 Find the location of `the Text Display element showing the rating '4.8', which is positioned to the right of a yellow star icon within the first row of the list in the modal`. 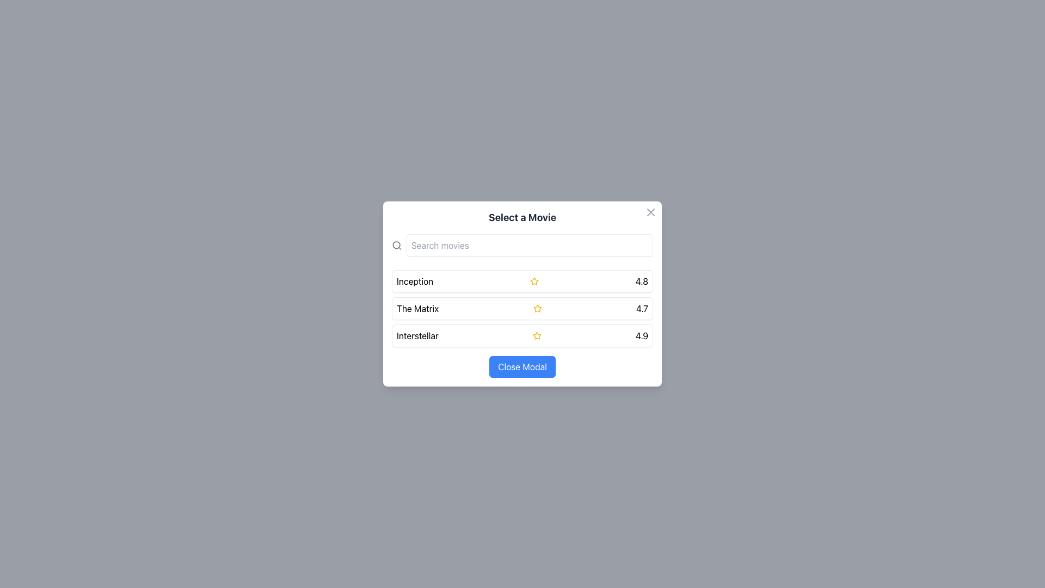

the Text Display element showing the rating '4.8', which is positioned to the right of a yellow star icon within the first row of the list in the modal is located at coordinates (642, 280).